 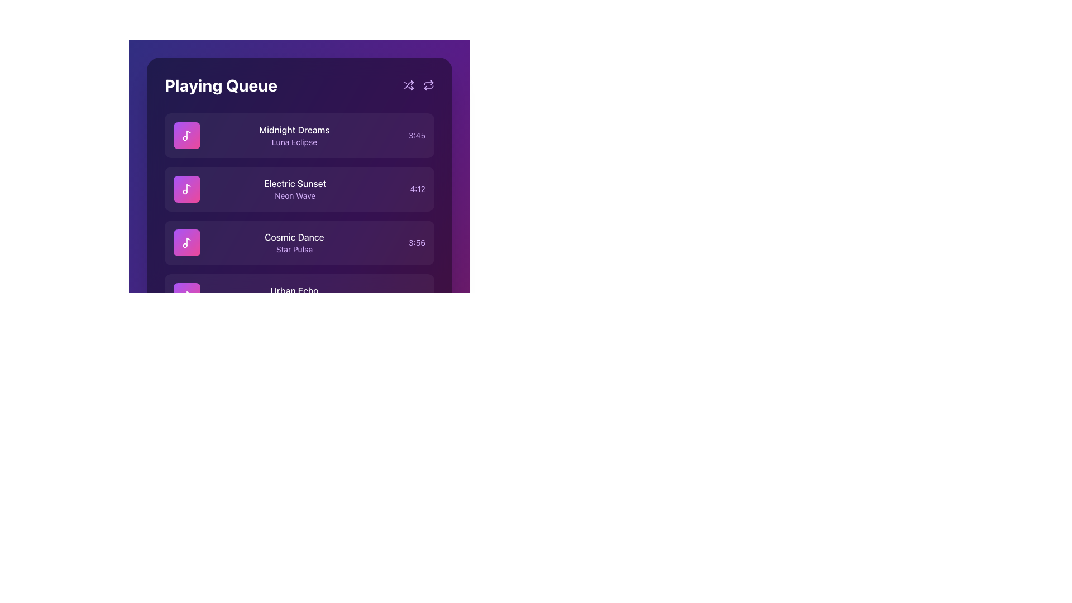 What do you see at coordinates (428, 85) in the screenshot?
I see `the refresh button, which is a purple icon with a circular arrow located in the upper right corner of the 'Playing Queue' interface` at bounding box center [428, 85].